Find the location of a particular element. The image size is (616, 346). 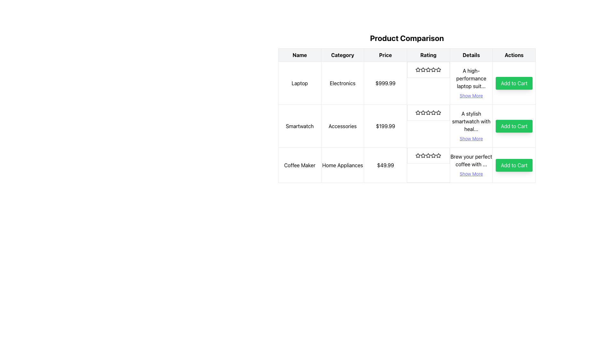

the third star-shaped icon in the rating column of the 'Smartwatch' product row to rate the product is located at coordinates (438, 112).